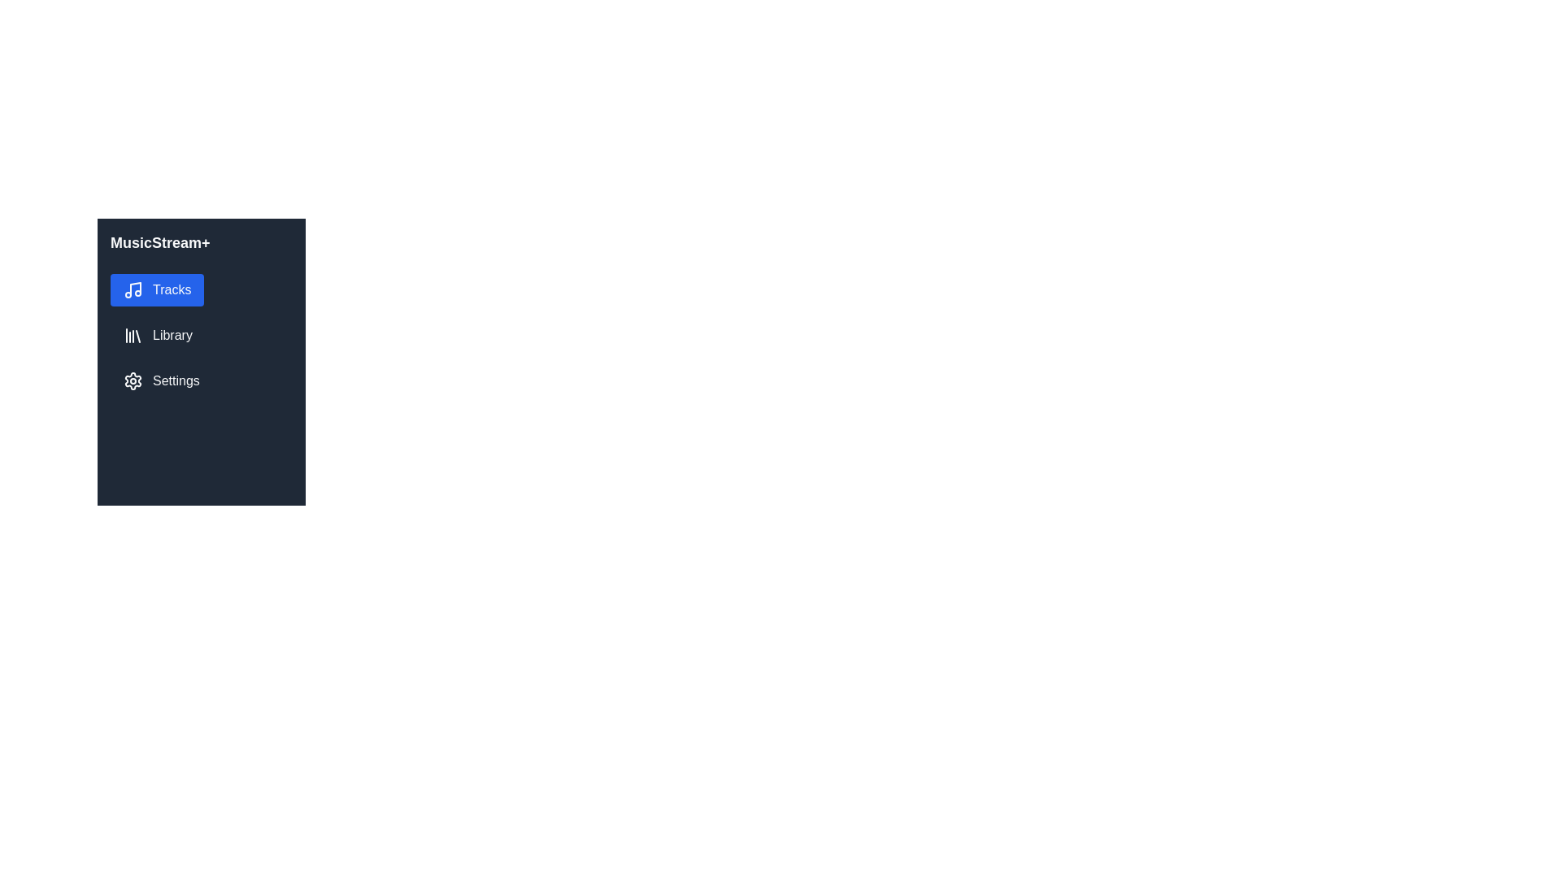  What do you see at coordinates (176, 381) in the screenshot?
I see `the label or navigation link located in the bottom section of the sidebar, directly to the right of the cogwheel icon` at bounding box center [176, 381].